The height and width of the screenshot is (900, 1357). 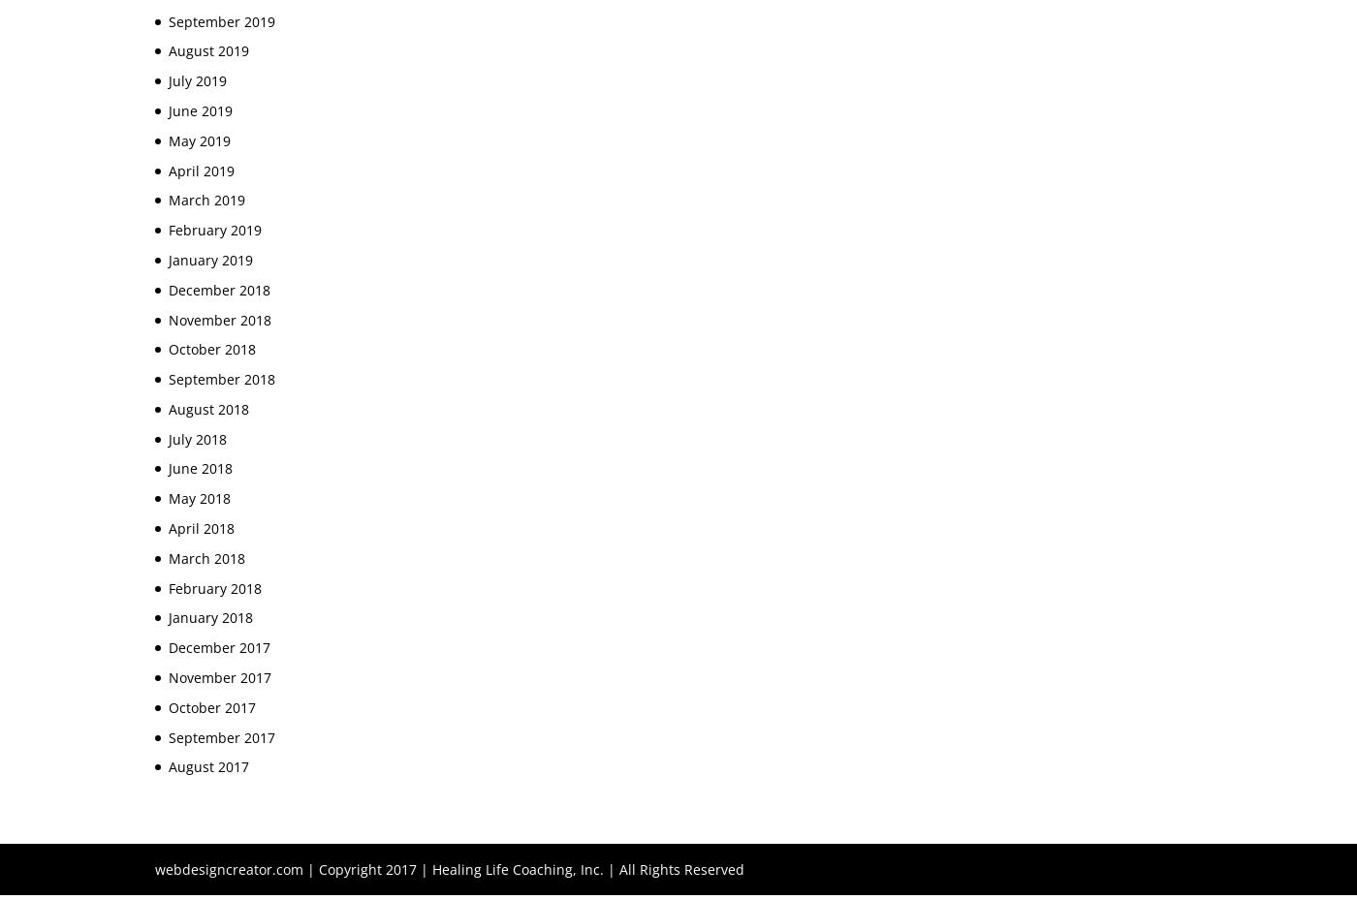 What do you see at coordinates (208, 49) in the screenshot?
I see `'August 2019'` at bounding box center [208, 49].